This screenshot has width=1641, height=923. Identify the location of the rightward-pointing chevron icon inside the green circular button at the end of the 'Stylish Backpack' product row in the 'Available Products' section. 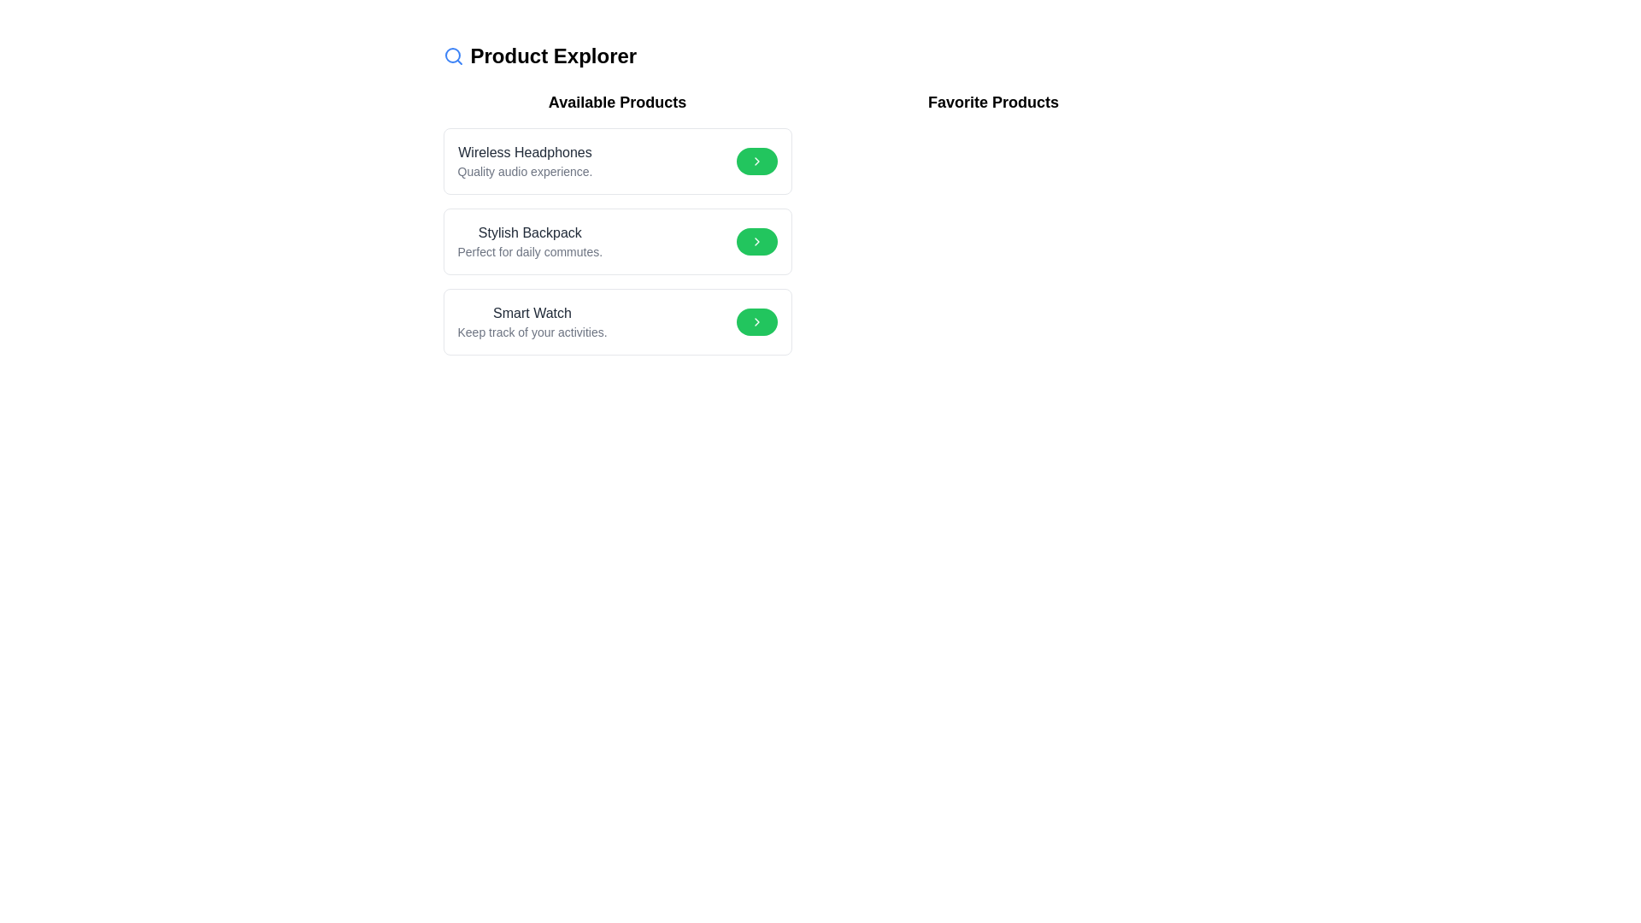
(756, 241).